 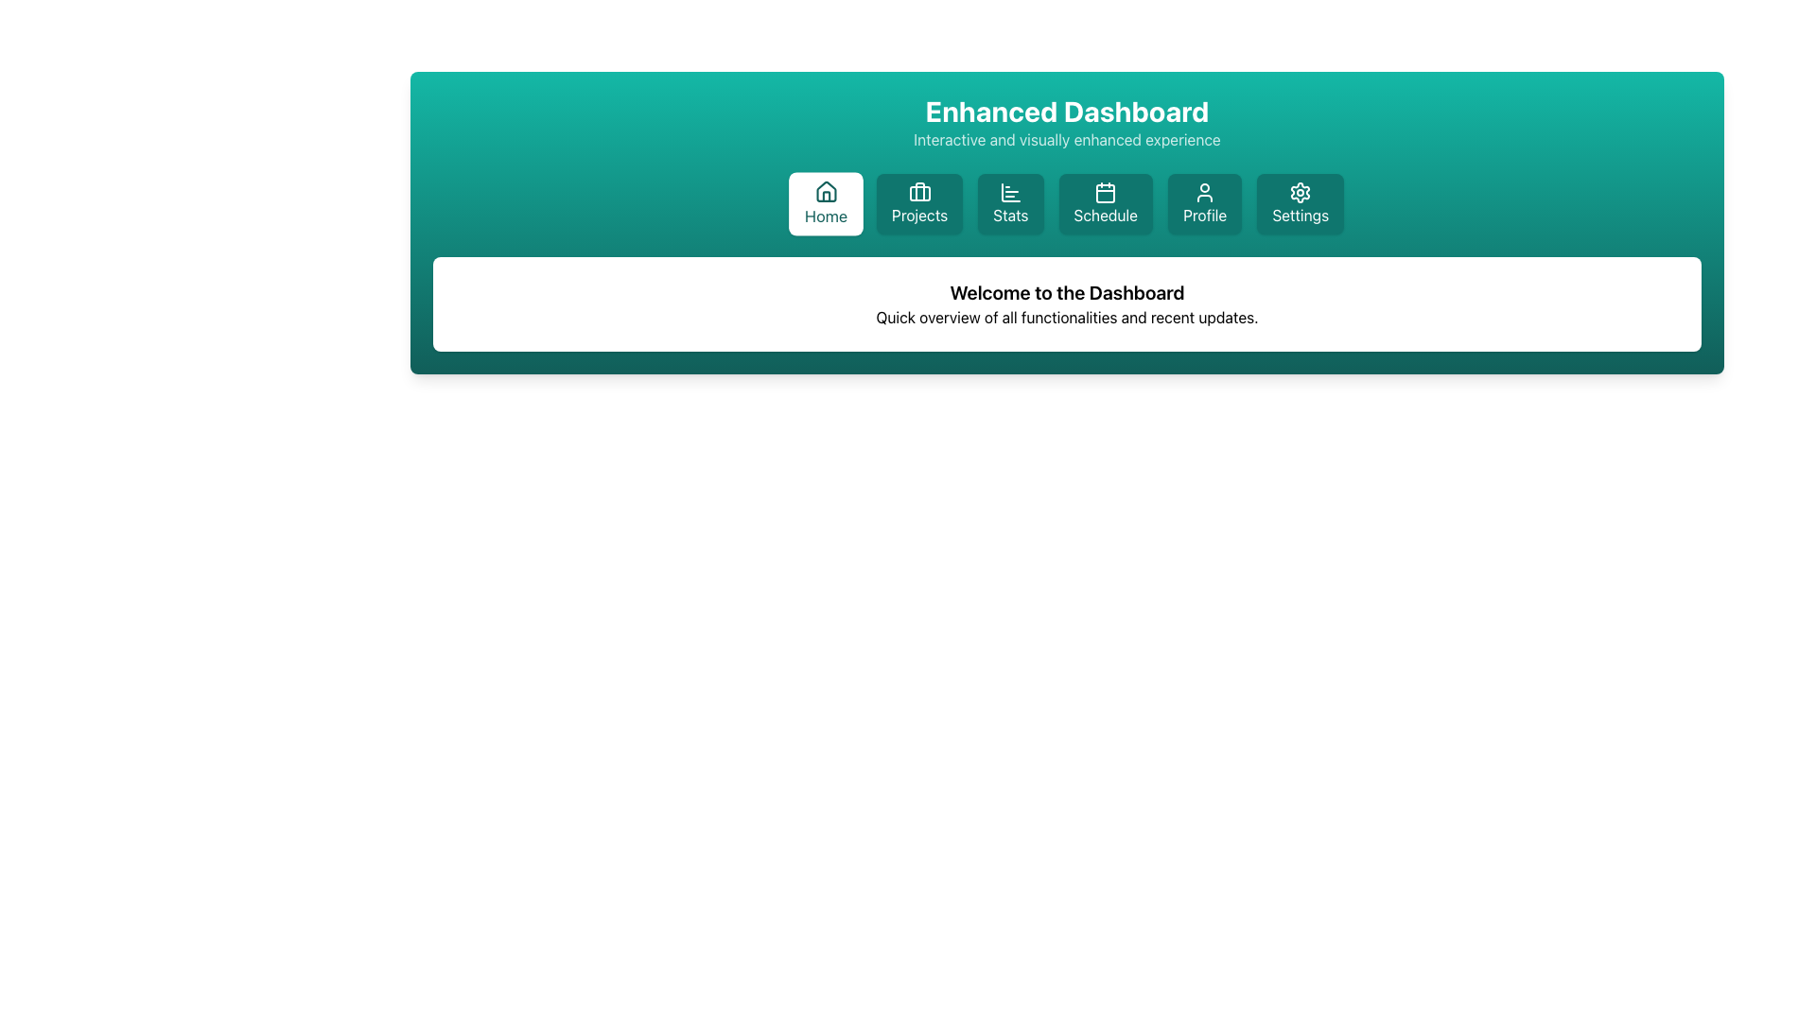 What do you see at coordinates (1009, 204) in the screenshot?
I see `the 'Stats' button, which is the third button from the left in a series of six buttons at the top of the interface` at bounding box center [1009, 204].